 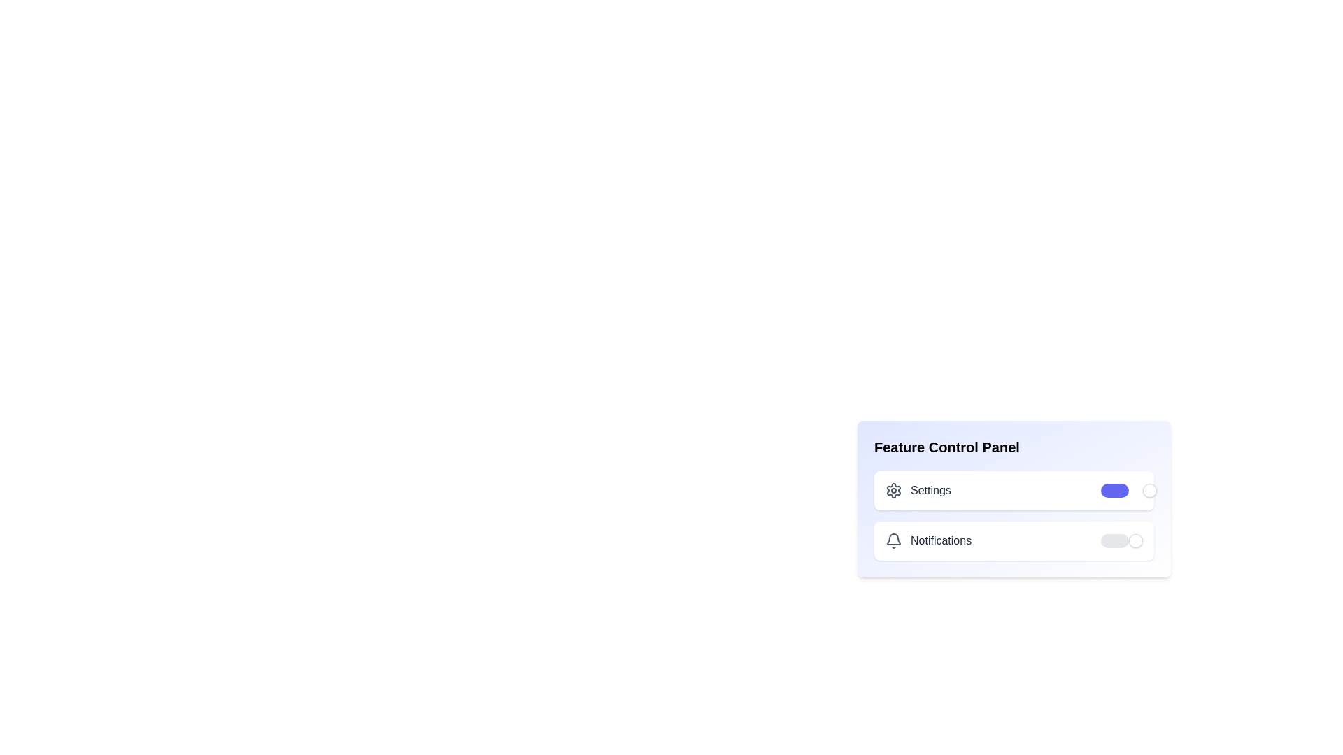 What do you see at coordinates (918, 490) in the screenshot?
I see `the 'Settings' label to select it` at bounding box center [918, 490].